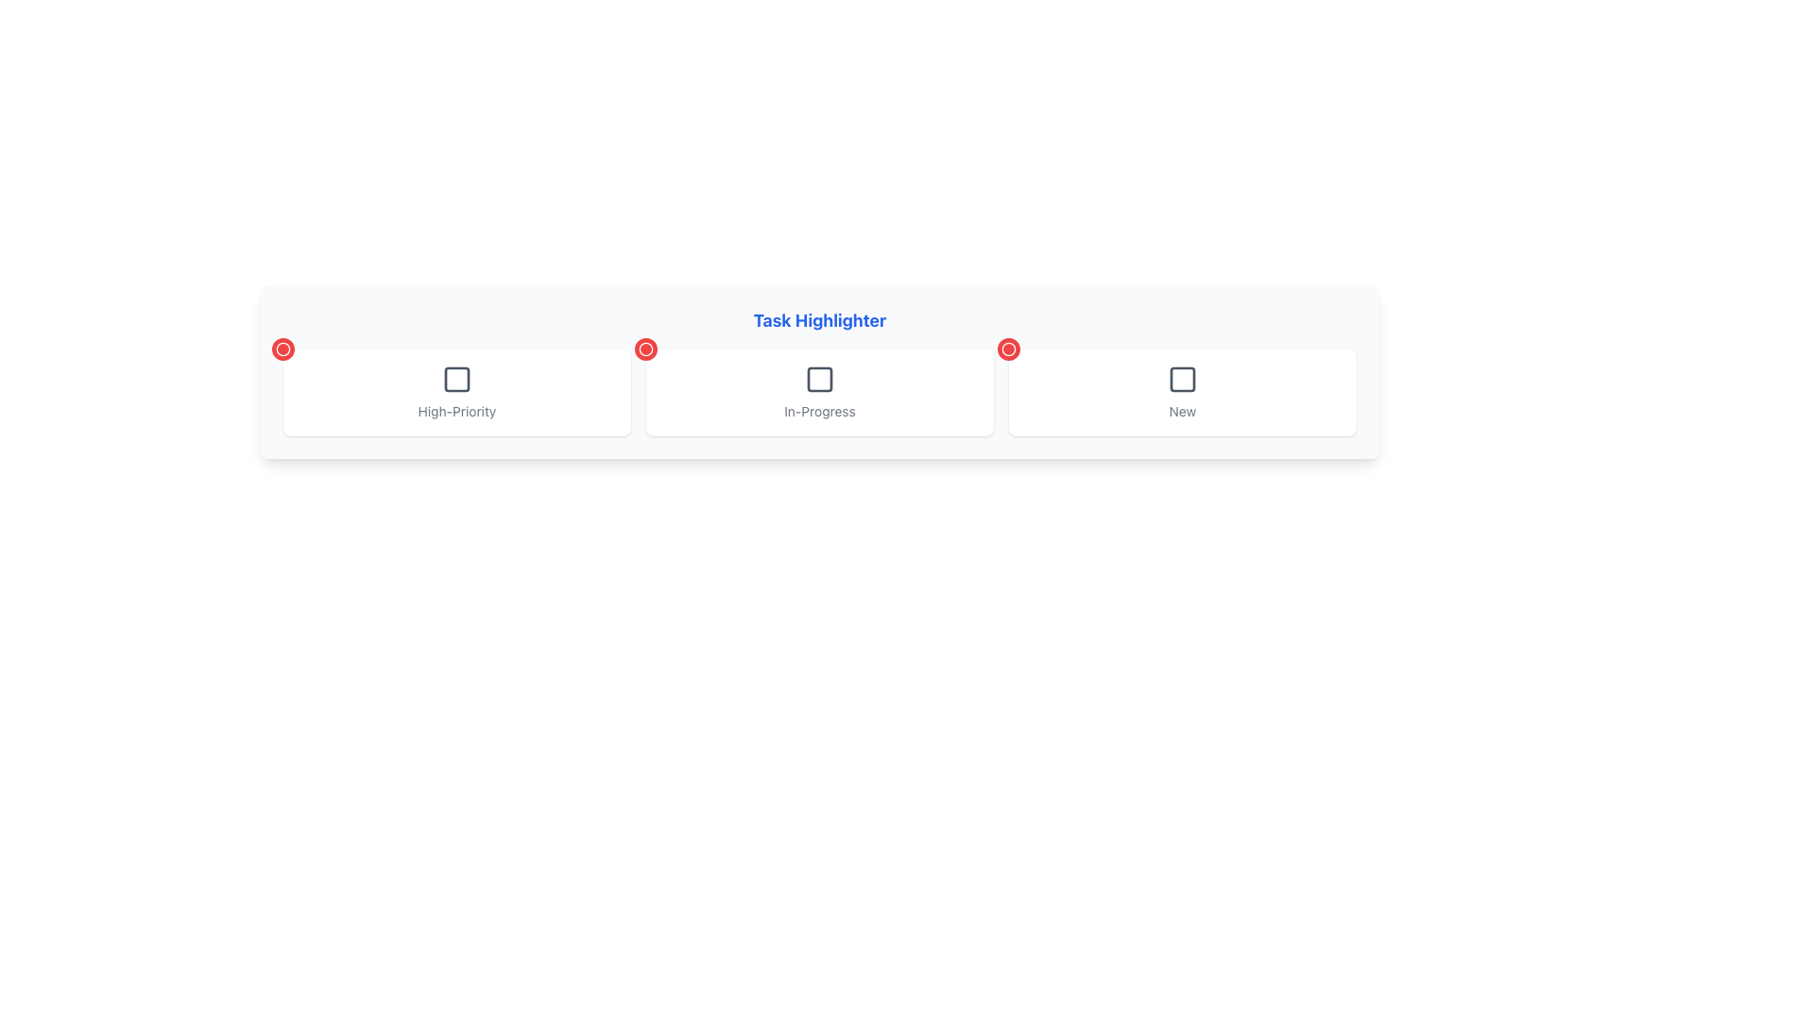  Describe the element at coordinates (457, 379) in the screenshot. I see `the Square icon with rounded corners located within the 'High Priority' section` at that location.